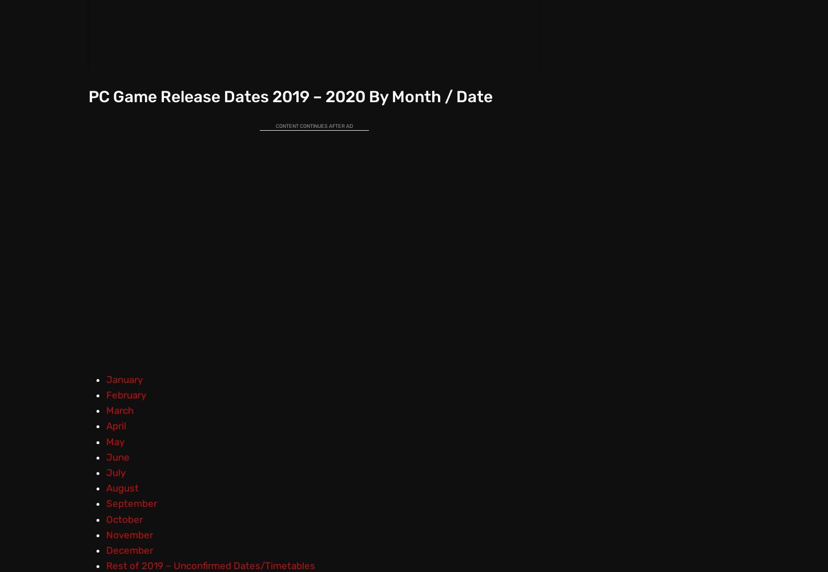 This screenshot has width=828, height=572. Describe the element at coordinates (118, 410) in the screenshot. I see `'March'` at that location.